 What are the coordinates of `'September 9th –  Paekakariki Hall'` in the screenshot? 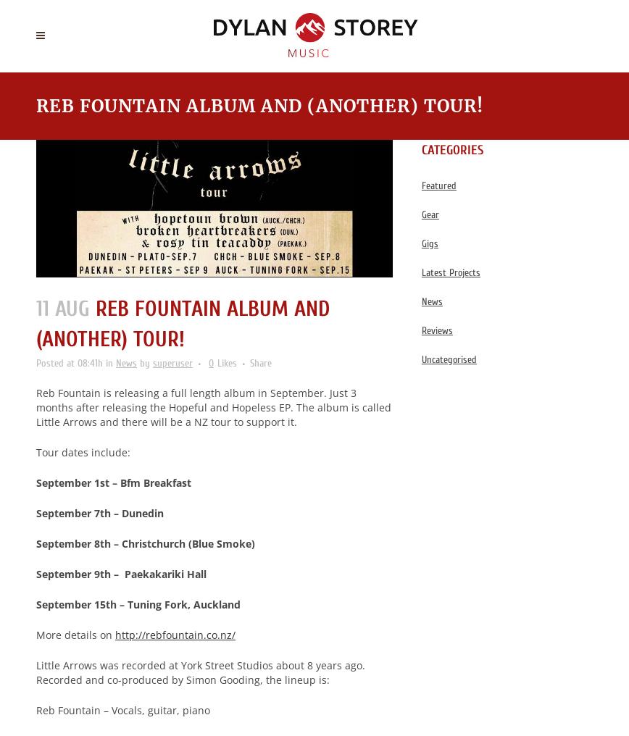 It's located at (122, 573).